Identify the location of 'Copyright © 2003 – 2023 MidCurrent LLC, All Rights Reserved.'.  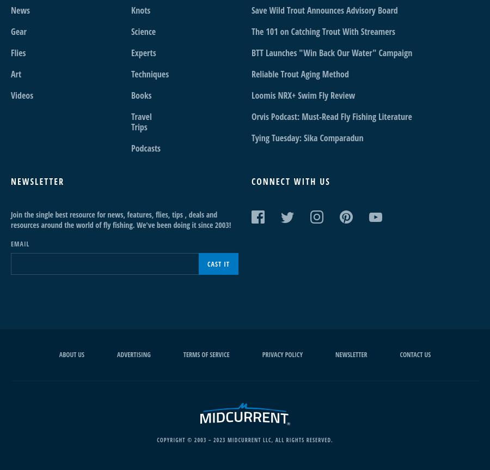
(244, 439).